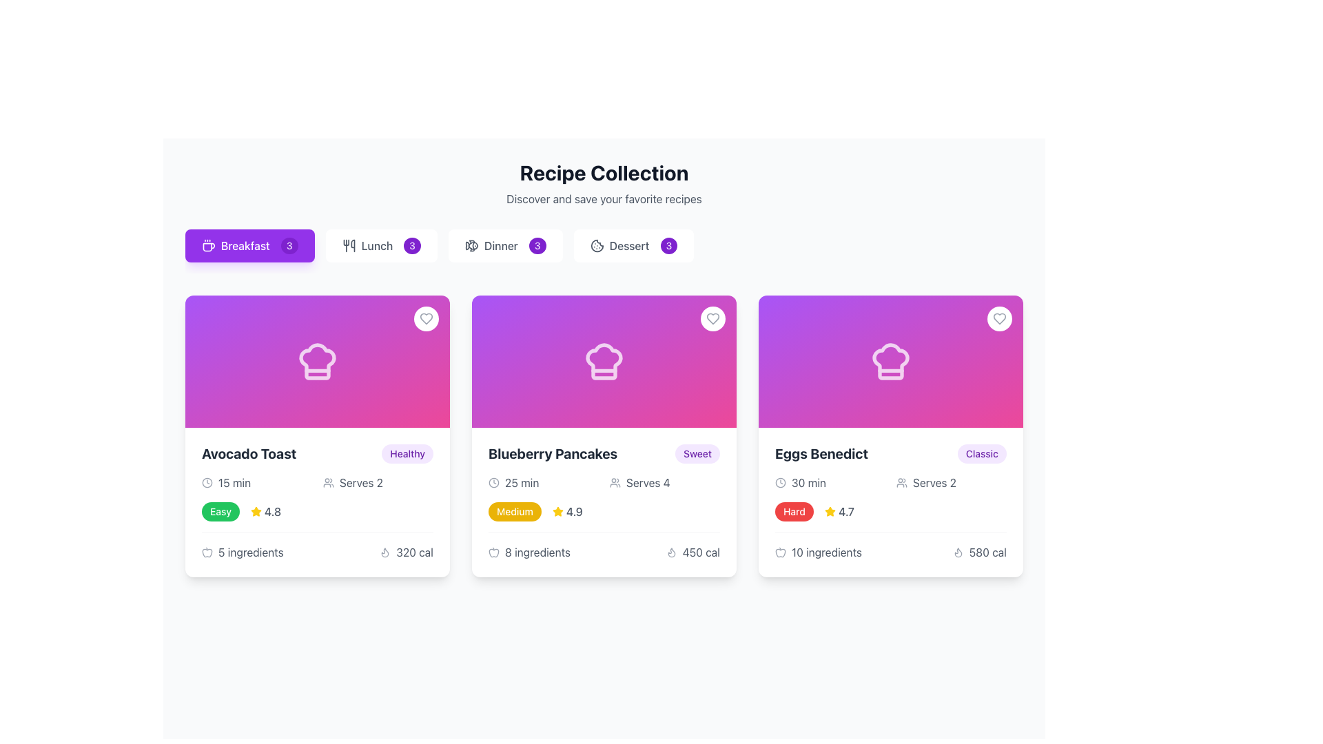 The height and width of the screenshot is (744, 1323). Describe the element at coordinates (604, 183) in the screenshot. I see `the heading and introductory text element that provides context about the collection of recipes` at that location.